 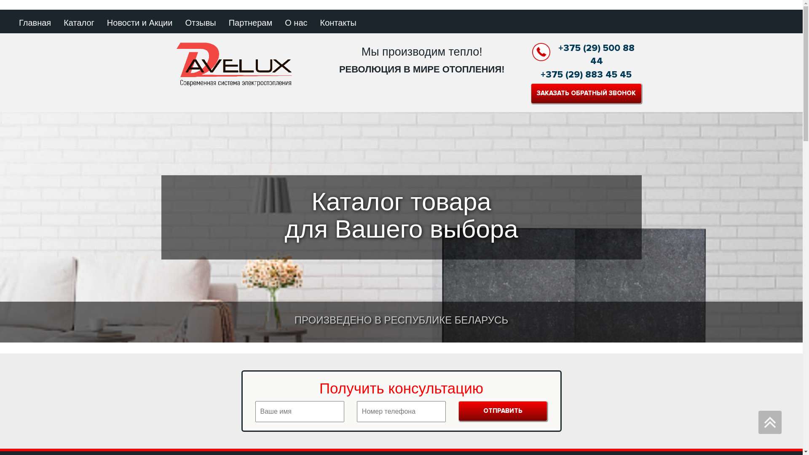 What do you see at coordinates (586, 55) in the screenshot?
I see `'+375 (29) 500 88 44'` at bounding box center [586, 55].